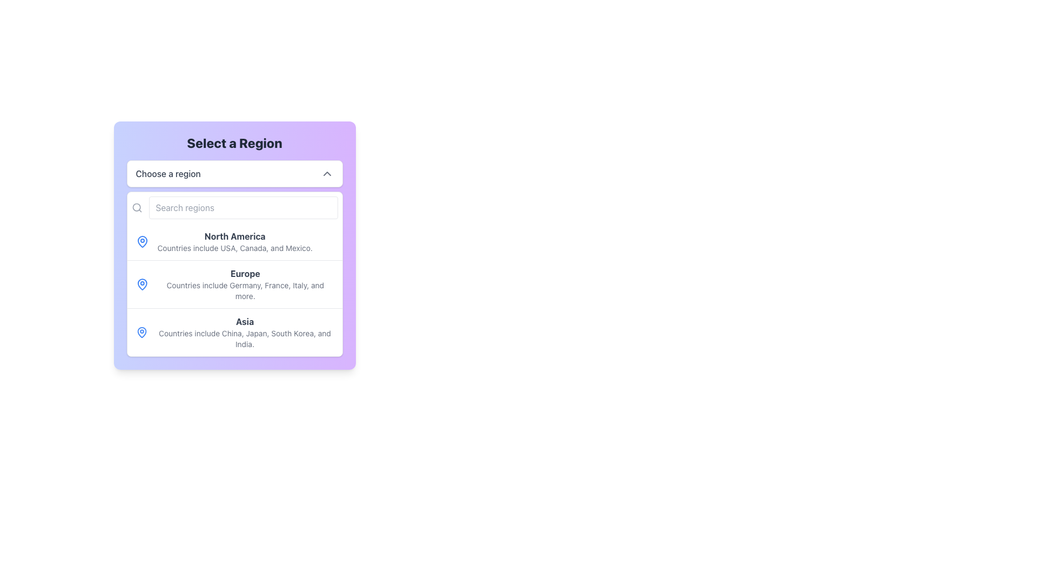  I want to click on the downward-facing chevron icon, which serves as a dropdown indicator in the 'Choose a region' section, so click(326, 173).